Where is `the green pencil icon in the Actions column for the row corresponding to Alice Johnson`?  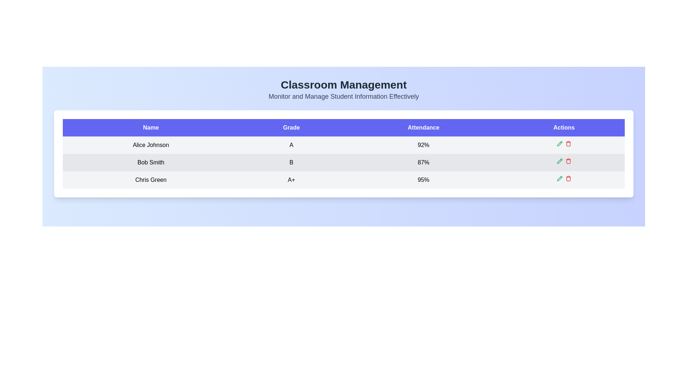 the green pencil icon in the Actions column for the row corresponding to Alice Johnson is located at coordinates (563, 144).